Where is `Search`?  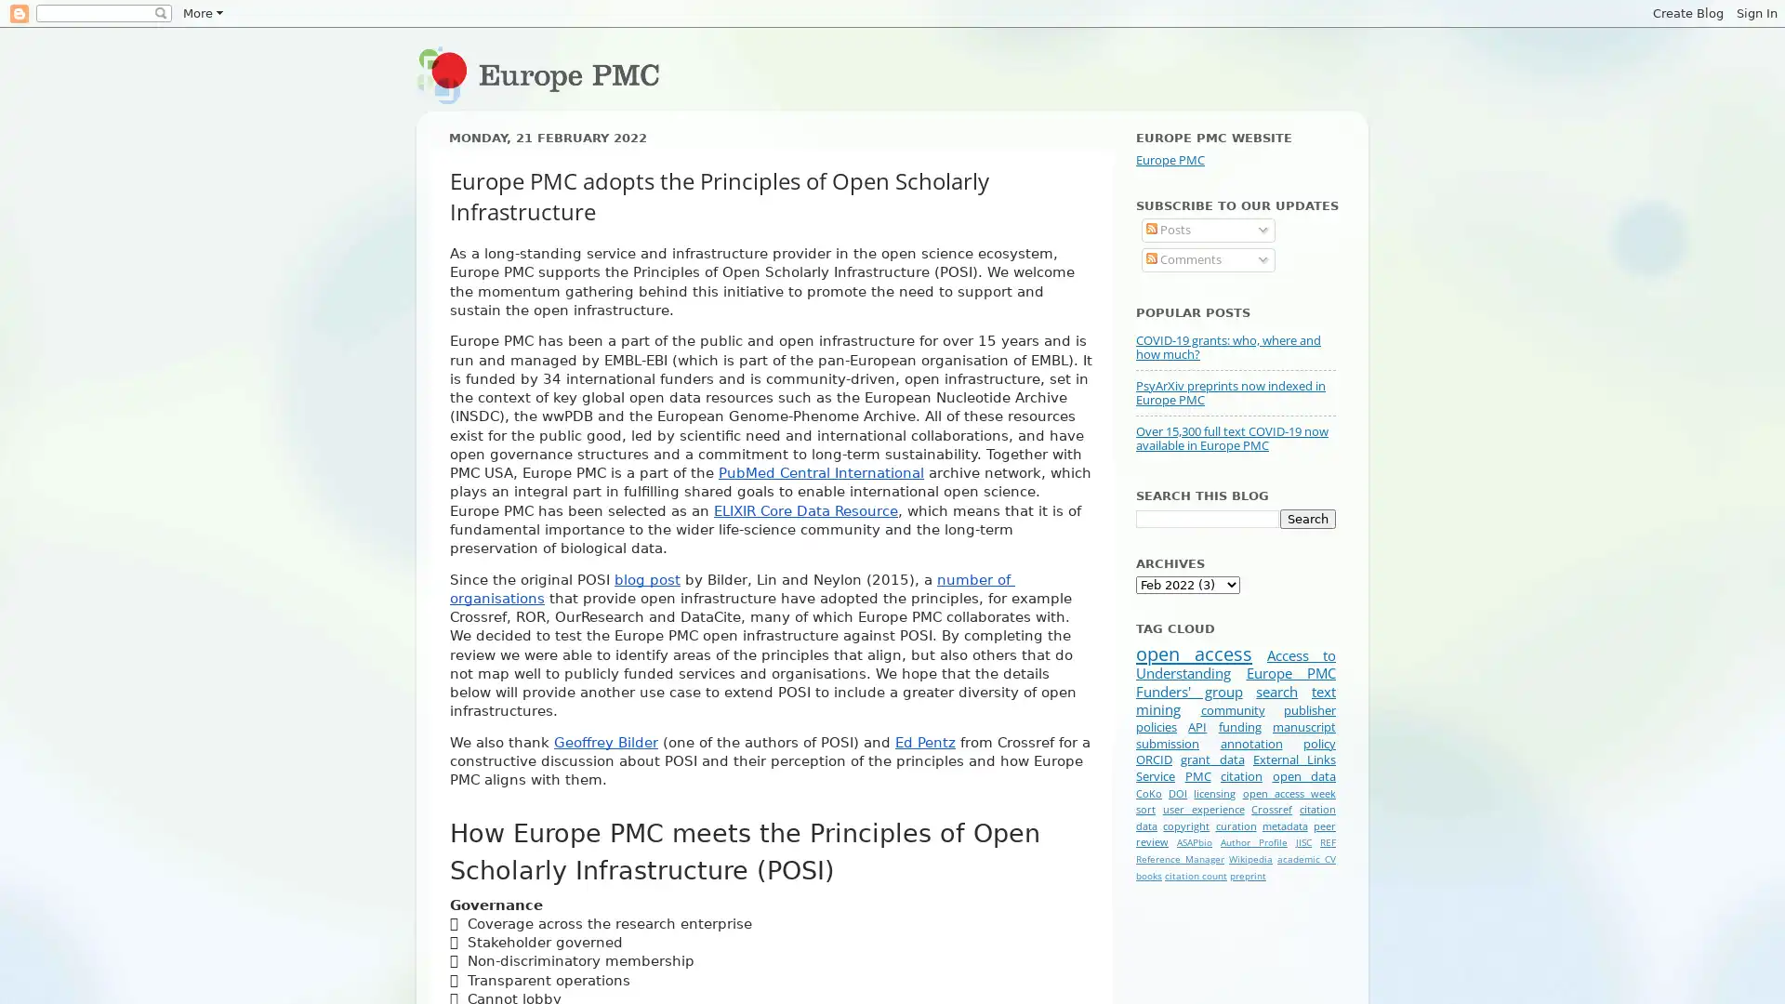 Search is located at coordinates (1306, 518).